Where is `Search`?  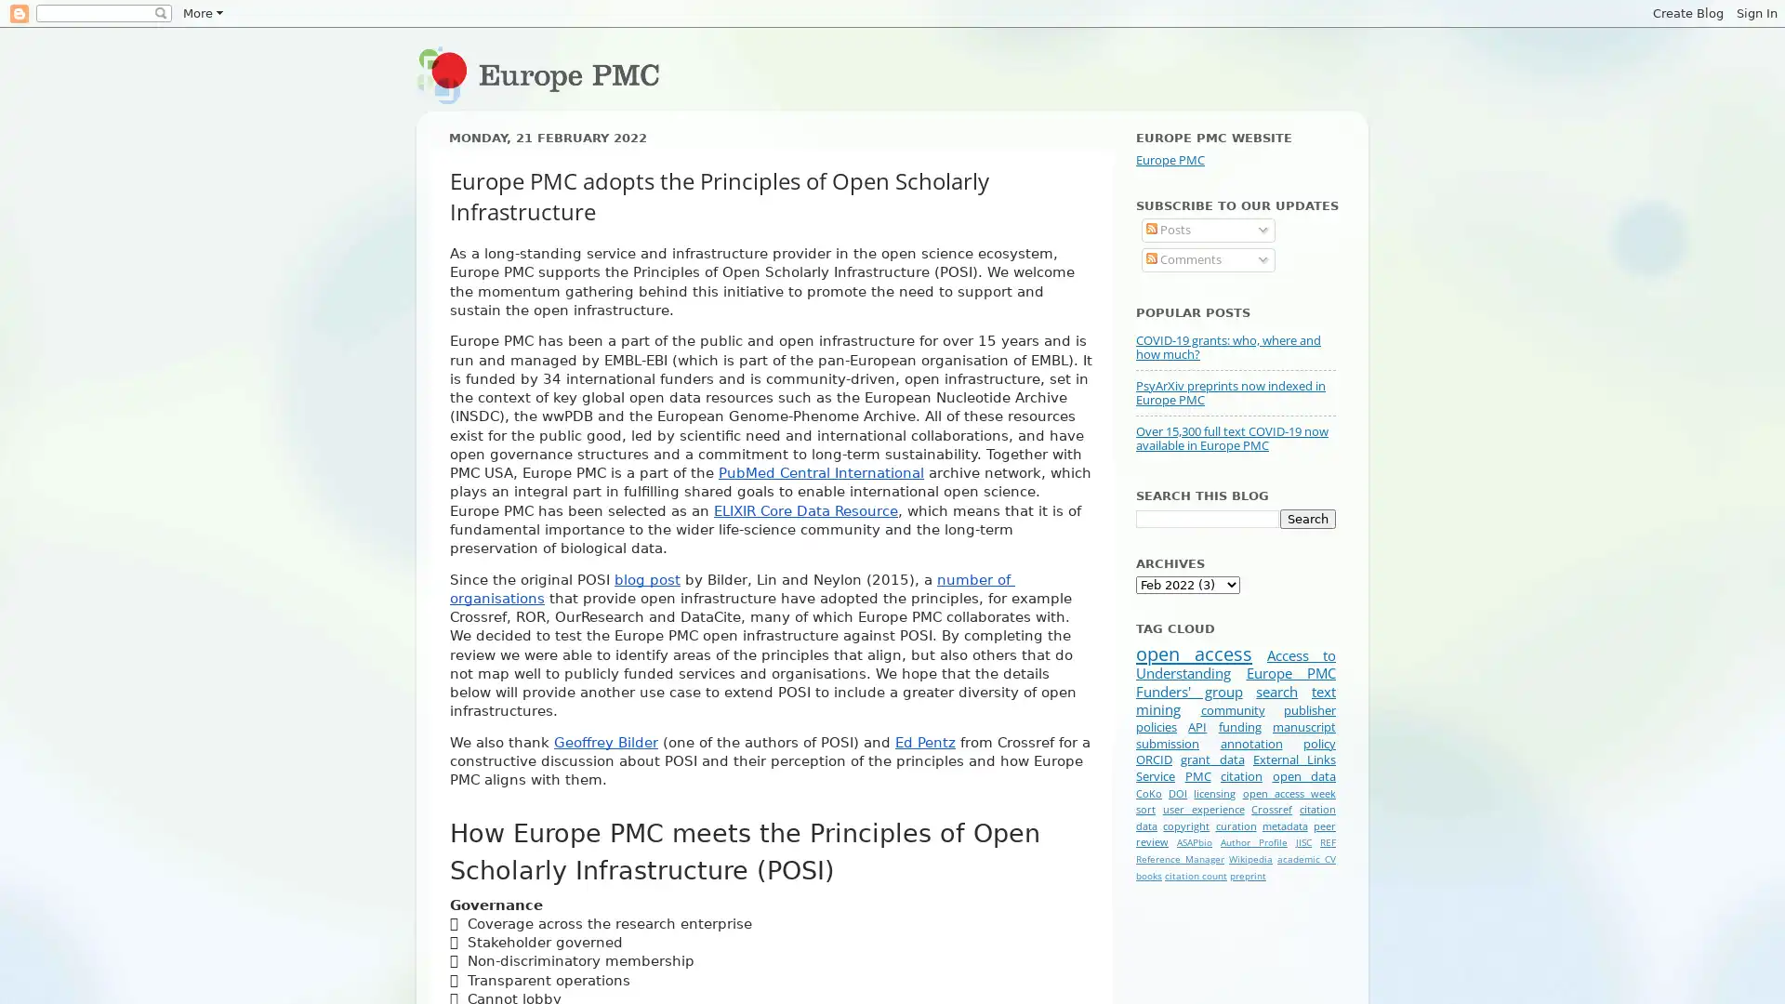 Search is located at coordinates (1306, 518).